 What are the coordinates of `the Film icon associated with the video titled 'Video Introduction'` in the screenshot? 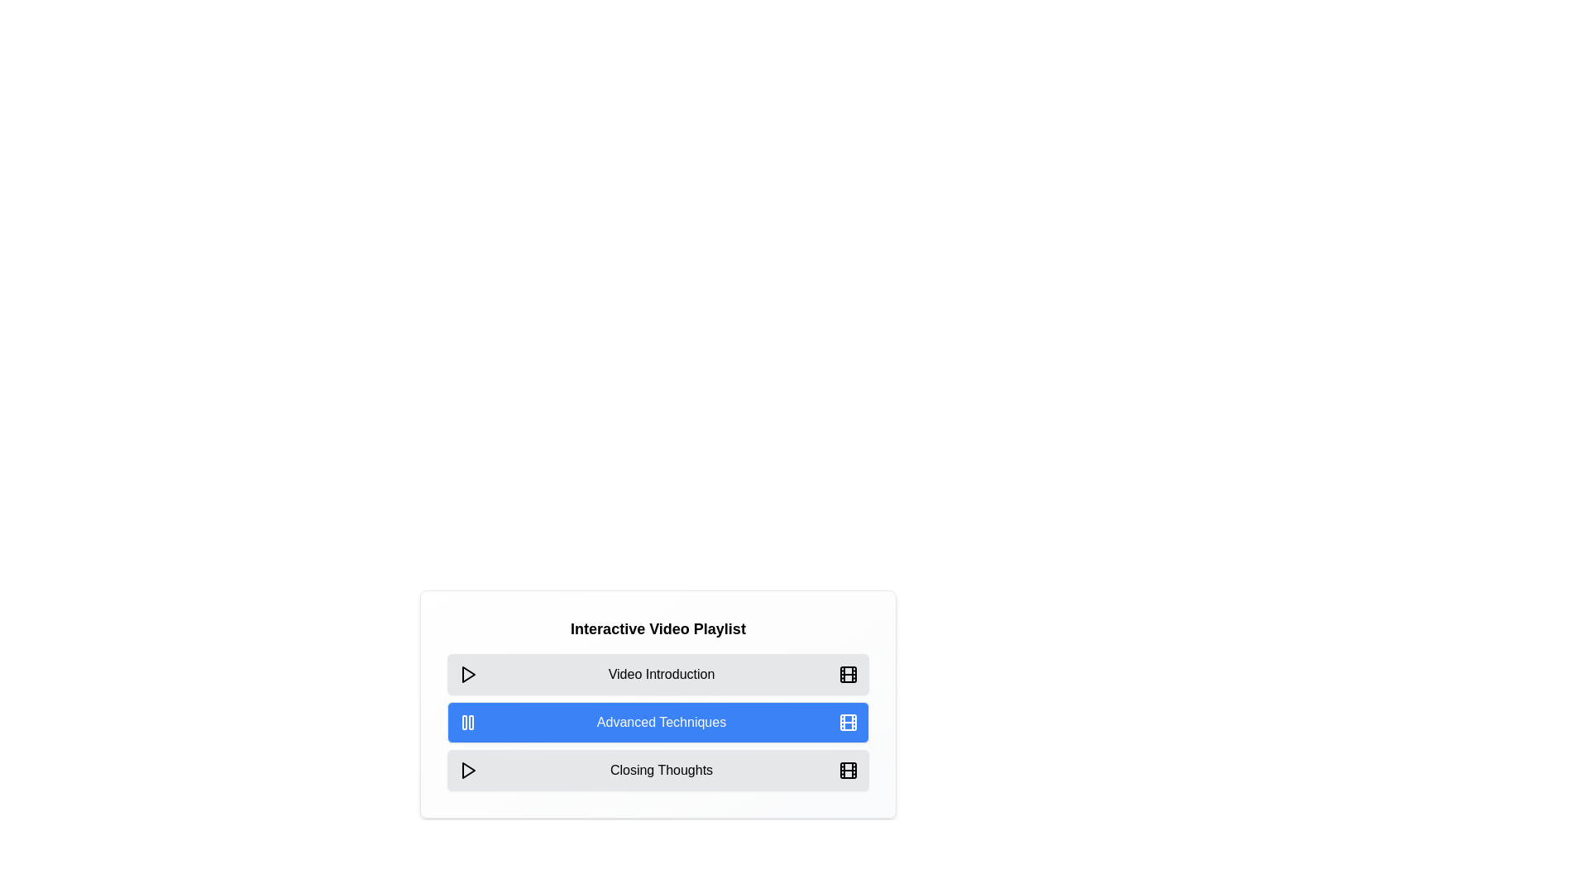 It's located at (849, 675).